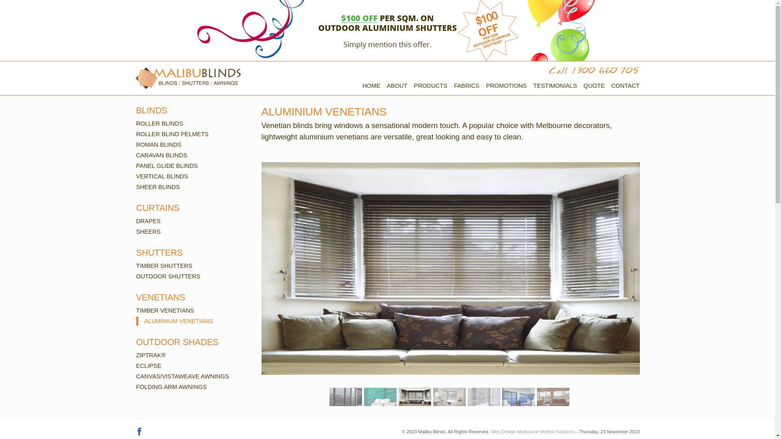  Describe the element at coordinates (192, 276) in the screenshot. I see `'OUTDOOR SHUTTERS'` at that location.